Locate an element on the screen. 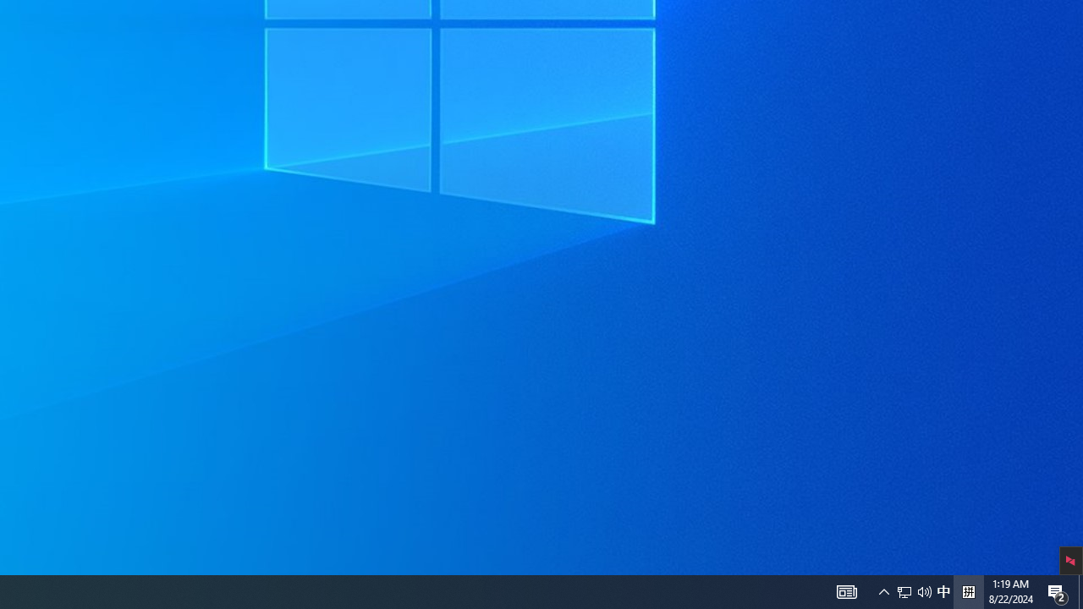  'Q2790: 100%' is located at coordinates (904, 590).